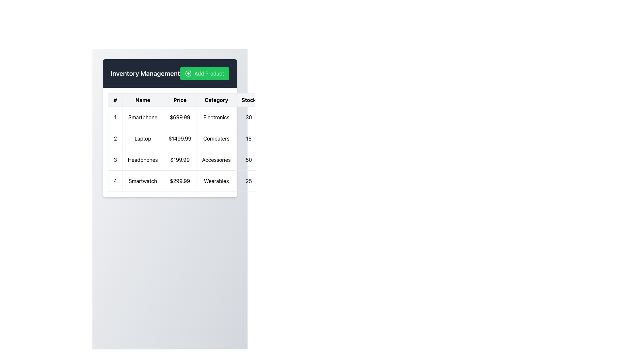 The width and height of the screenshot is (627, 353). I want to click on on the third row of the inventory table, which is located between the rows containing '2 Laptop' and '4 Smartwatch', so click(200, 160).